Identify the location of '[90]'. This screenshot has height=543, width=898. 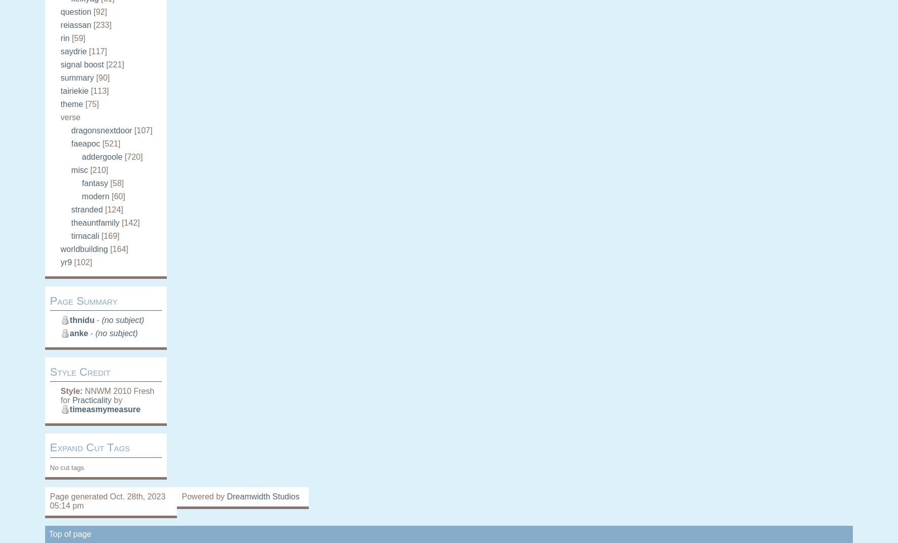
(102, 78).